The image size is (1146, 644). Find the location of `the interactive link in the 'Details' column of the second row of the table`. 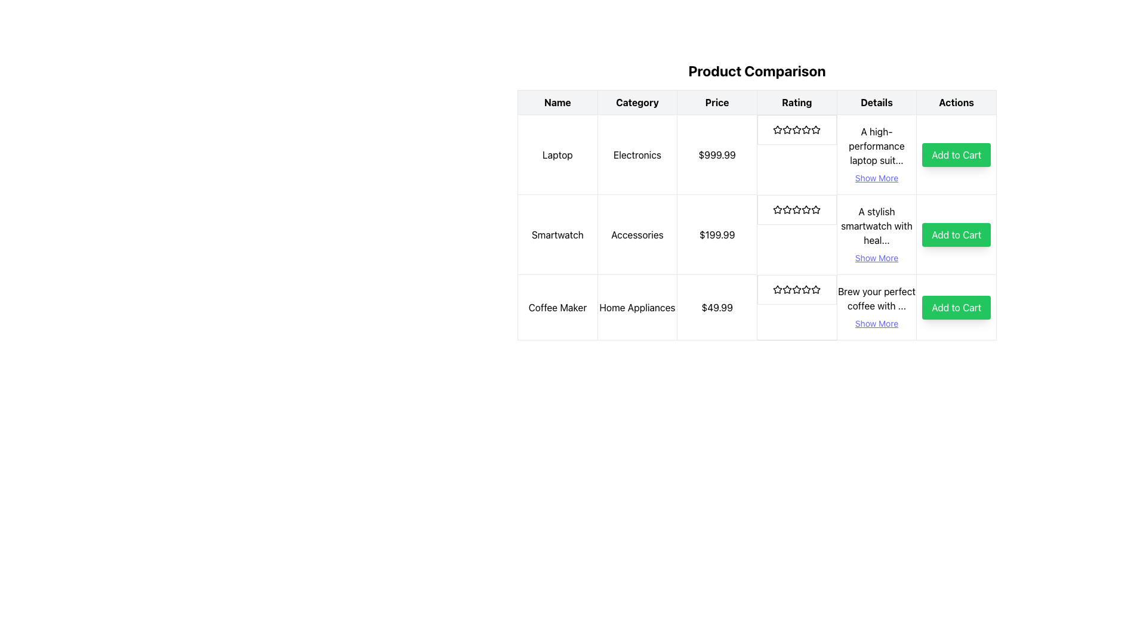

the interactive link in the 'Details' column of the second row of the table is located at coordinates (876, 257).